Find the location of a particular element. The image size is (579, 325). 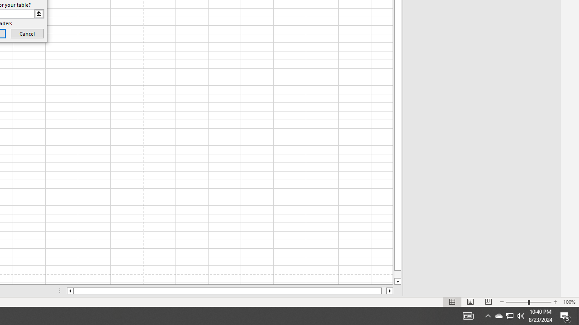

'Column left' is located at coordinates (69, 291).